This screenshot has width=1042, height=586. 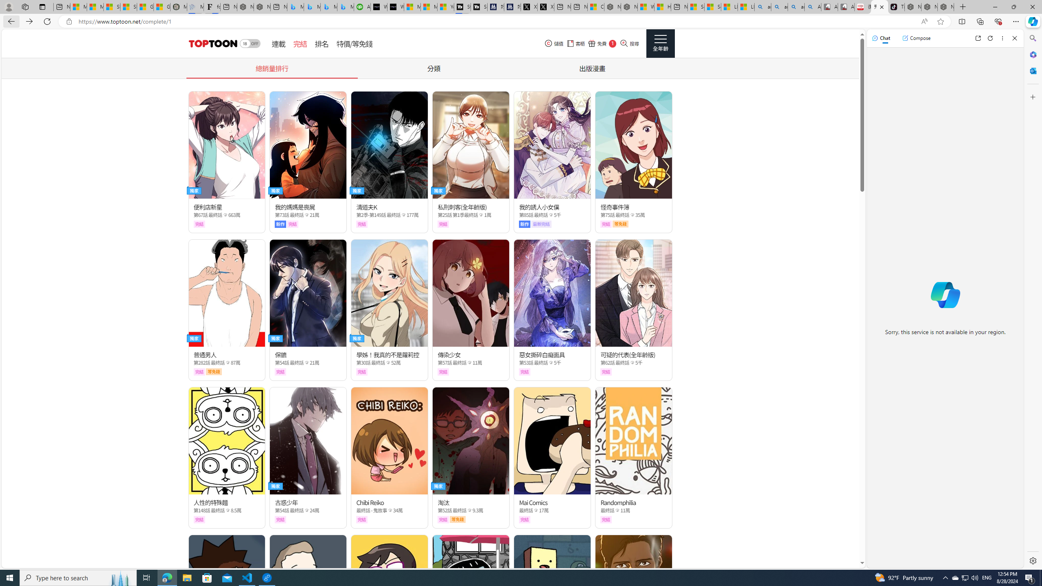 I want to click on 'All Cubot phones', so click(x=846, y=7).